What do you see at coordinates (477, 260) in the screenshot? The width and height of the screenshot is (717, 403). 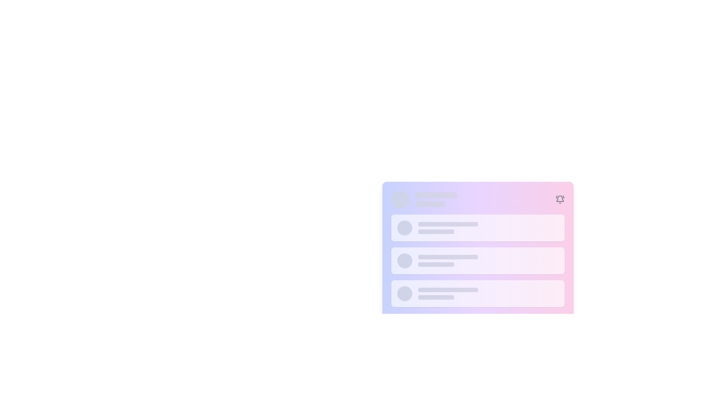 I see `the second card-like structure in a vertical list of three cards` at bounding box center [477, 260].